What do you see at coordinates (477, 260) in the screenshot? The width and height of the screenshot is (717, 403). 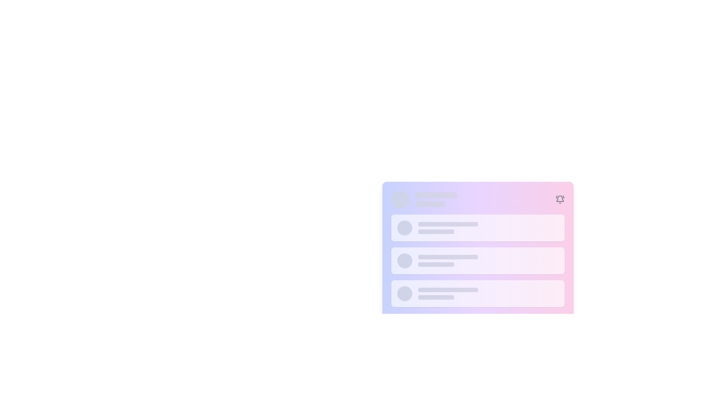 I see `the second card-like structure in a vertical list of three cards` at bounding box center [477, 260].